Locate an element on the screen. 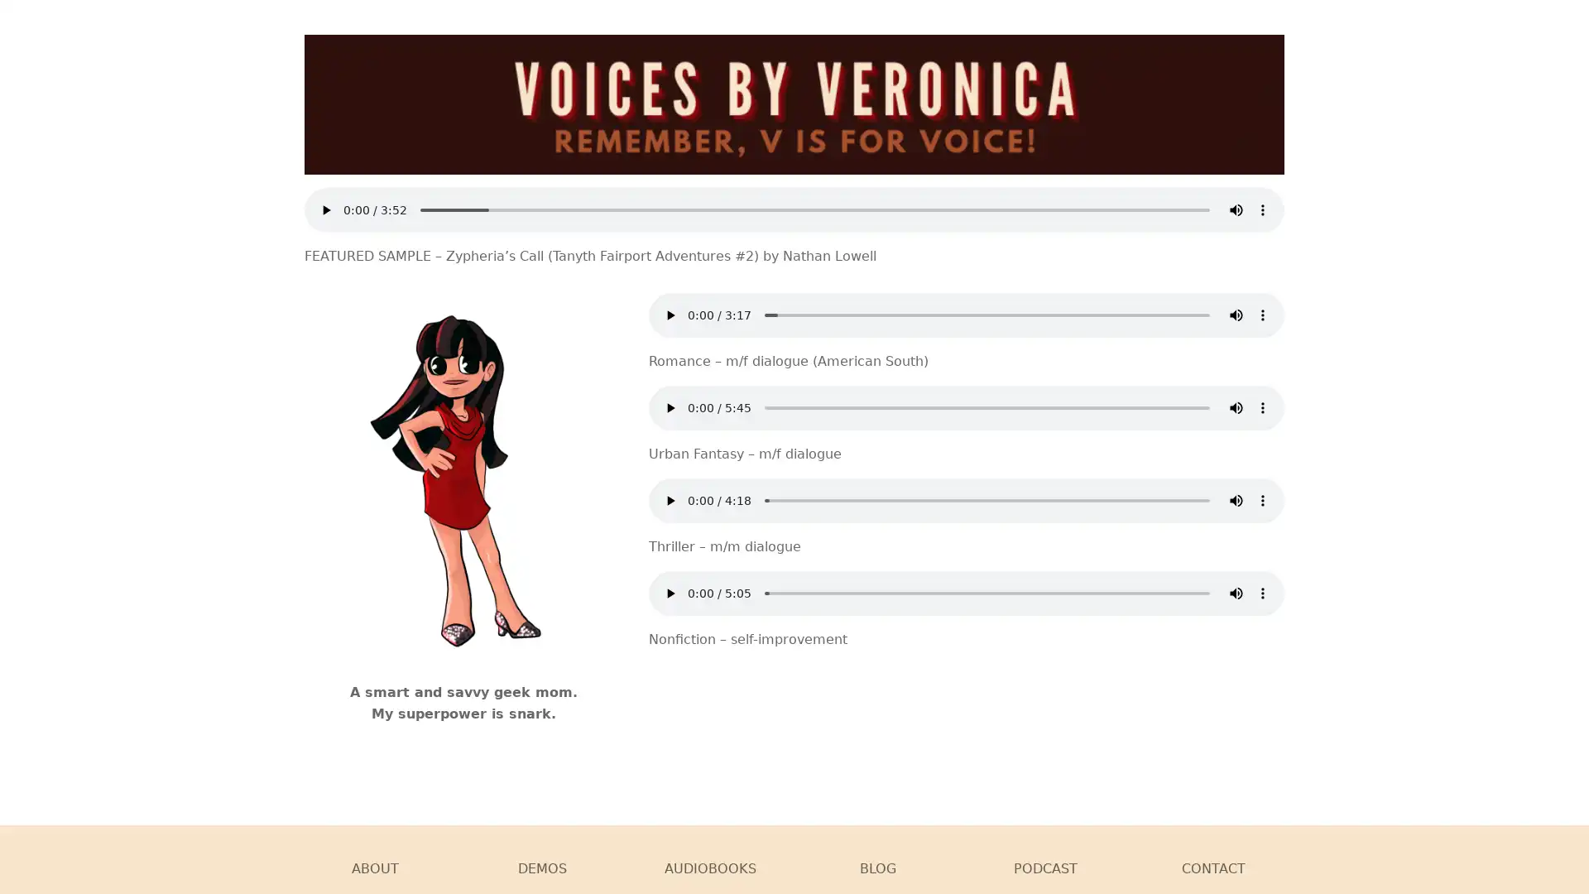 The height and width of the screenshot is (894, 1589). play is located at coordinates (325, 209).